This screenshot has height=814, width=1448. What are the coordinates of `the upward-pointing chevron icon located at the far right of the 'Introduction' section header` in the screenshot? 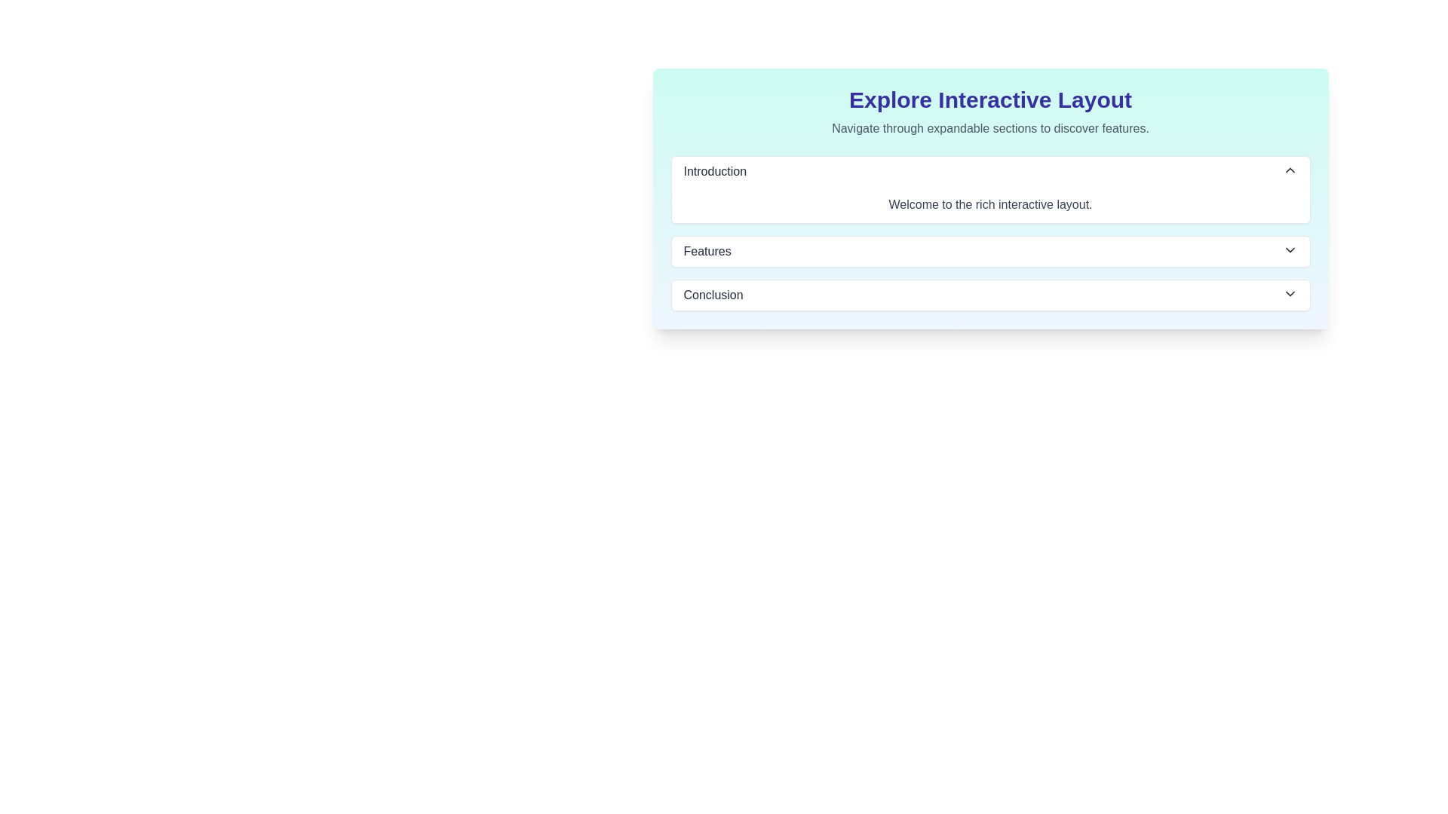 It's located at (1289, 170).